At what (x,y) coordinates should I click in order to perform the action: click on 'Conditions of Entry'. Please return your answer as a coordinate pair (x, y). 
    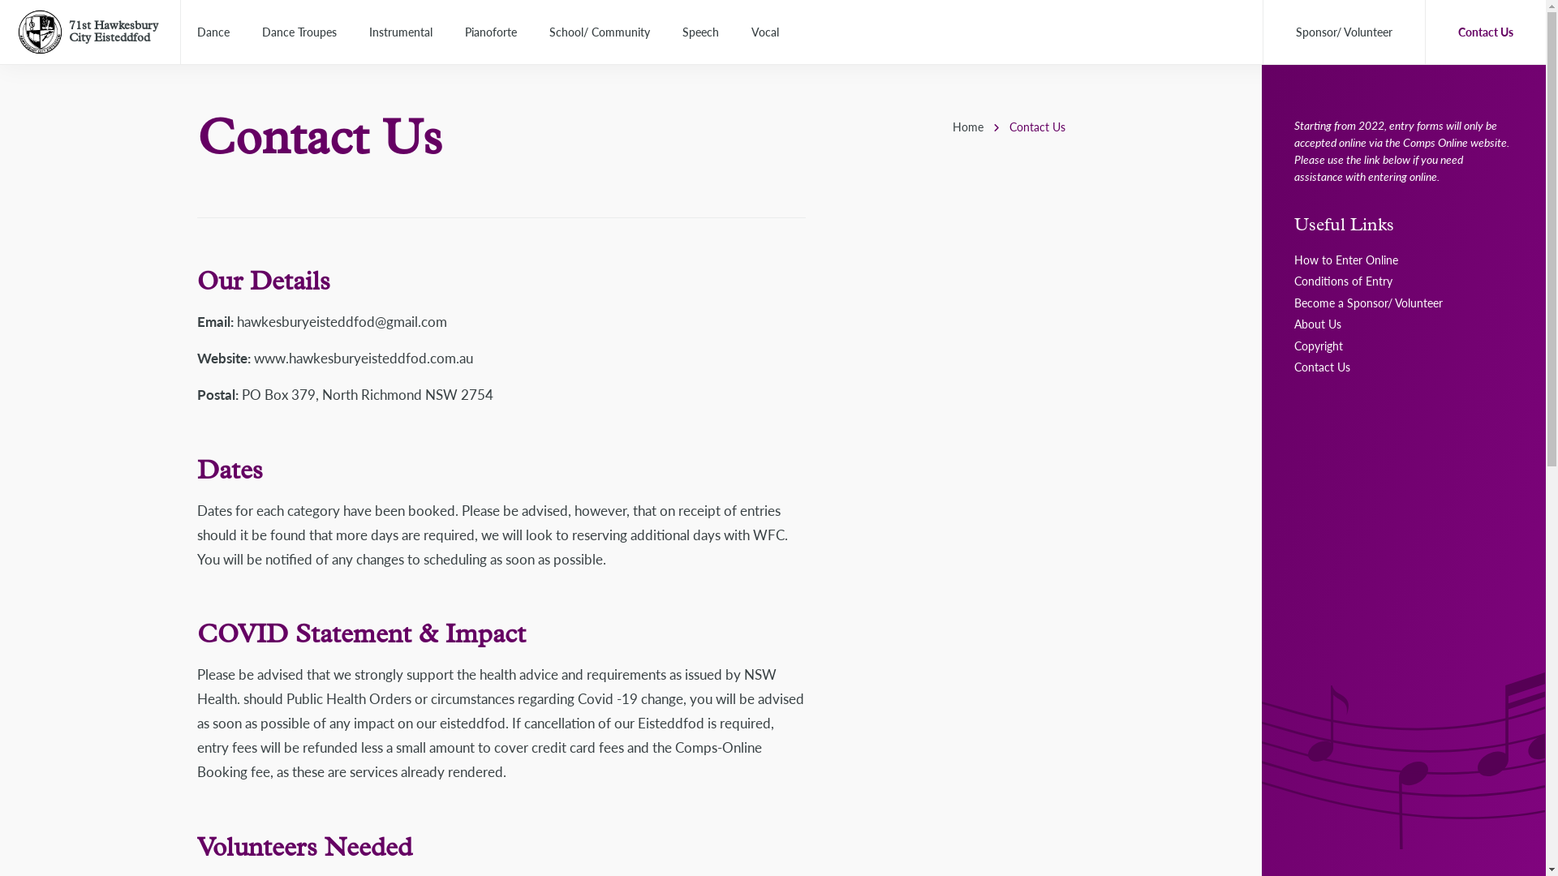
    Looking at the image, I should click on (1343, 280).